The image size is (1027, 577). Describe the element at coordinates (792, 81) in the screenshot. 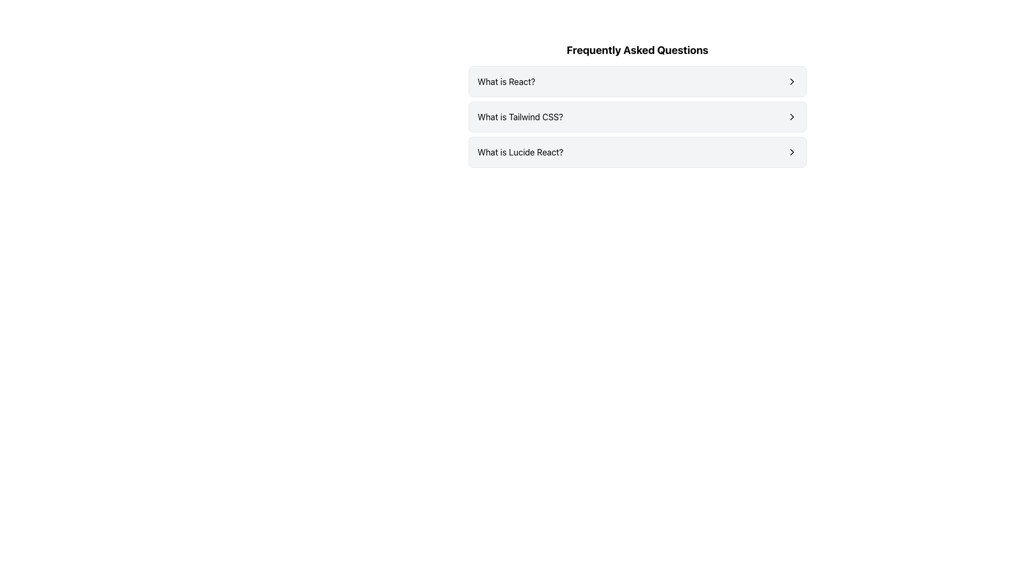

I see `the arrow icon on the far right of the 'What is React?' item in the FAQ interface` at that location.